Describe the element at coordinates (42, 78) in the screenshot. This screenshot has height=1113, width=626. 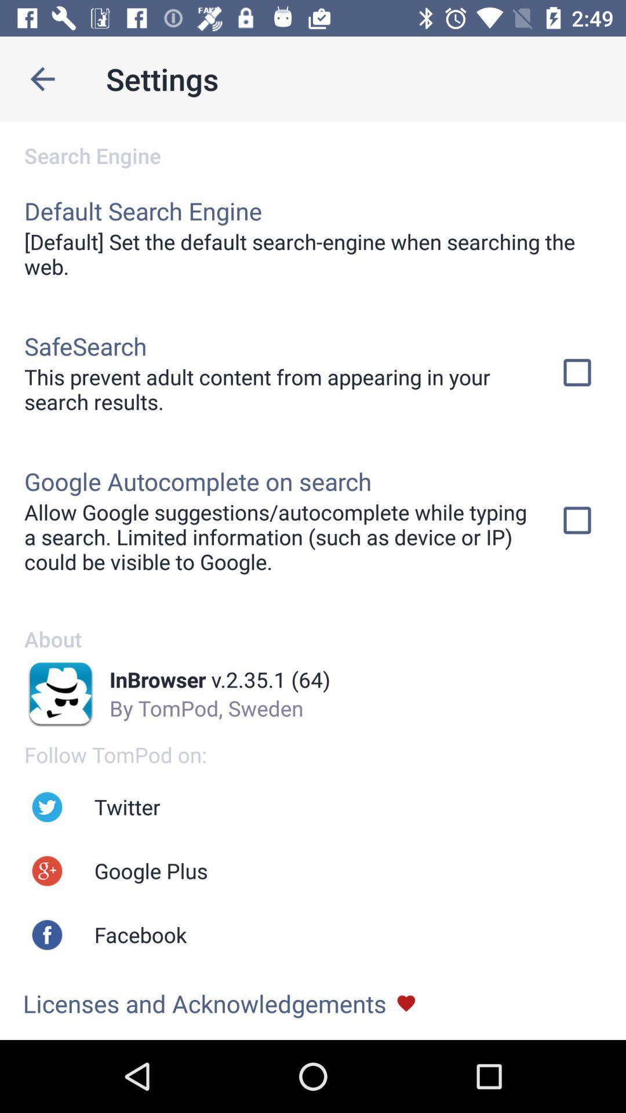
I see `the item next to the   settings app` at that location.